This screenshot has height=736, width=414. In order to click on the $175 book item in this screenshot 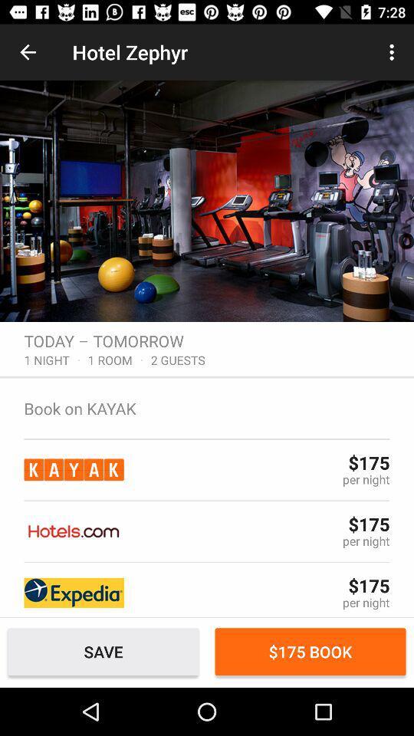, I will do `click(310, 651)`.